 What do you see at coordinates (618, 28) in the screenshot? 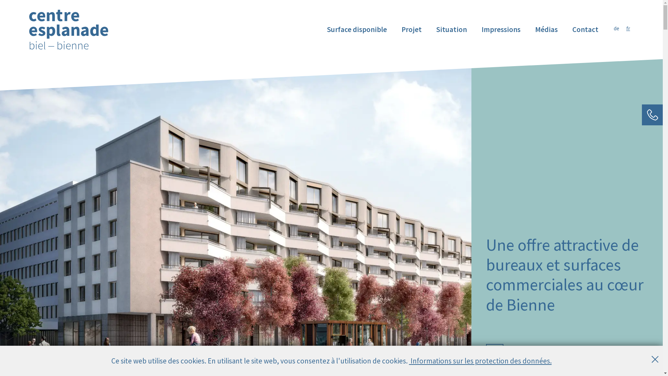
I see `'de'` at bounding box center [618, 28].